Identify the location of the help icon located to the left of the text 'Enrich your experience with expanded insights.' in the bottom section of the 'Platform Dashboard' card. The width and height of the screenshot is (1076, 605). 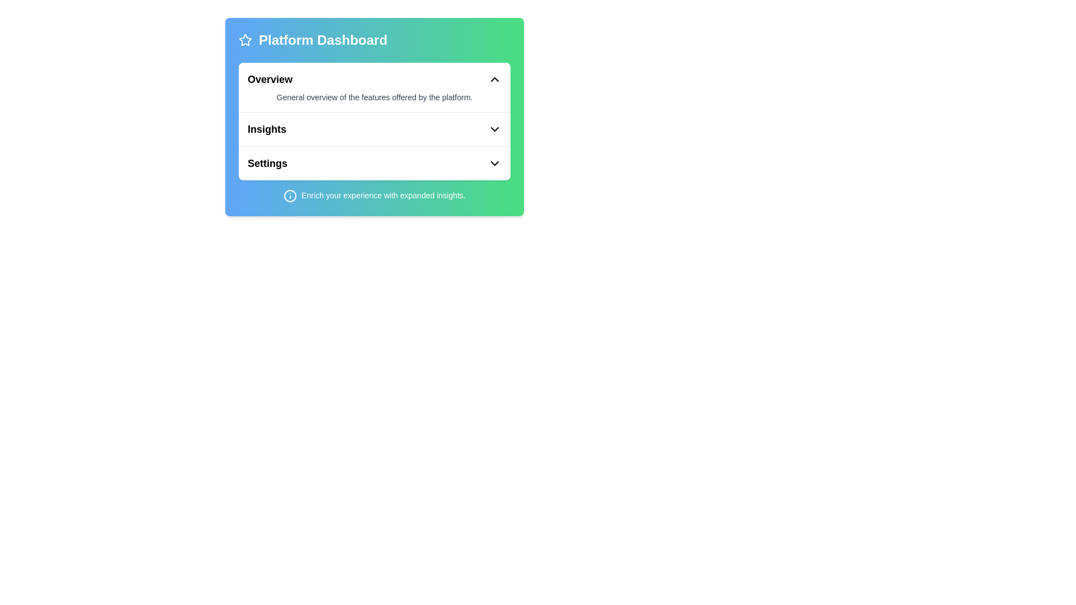
(290, 196).